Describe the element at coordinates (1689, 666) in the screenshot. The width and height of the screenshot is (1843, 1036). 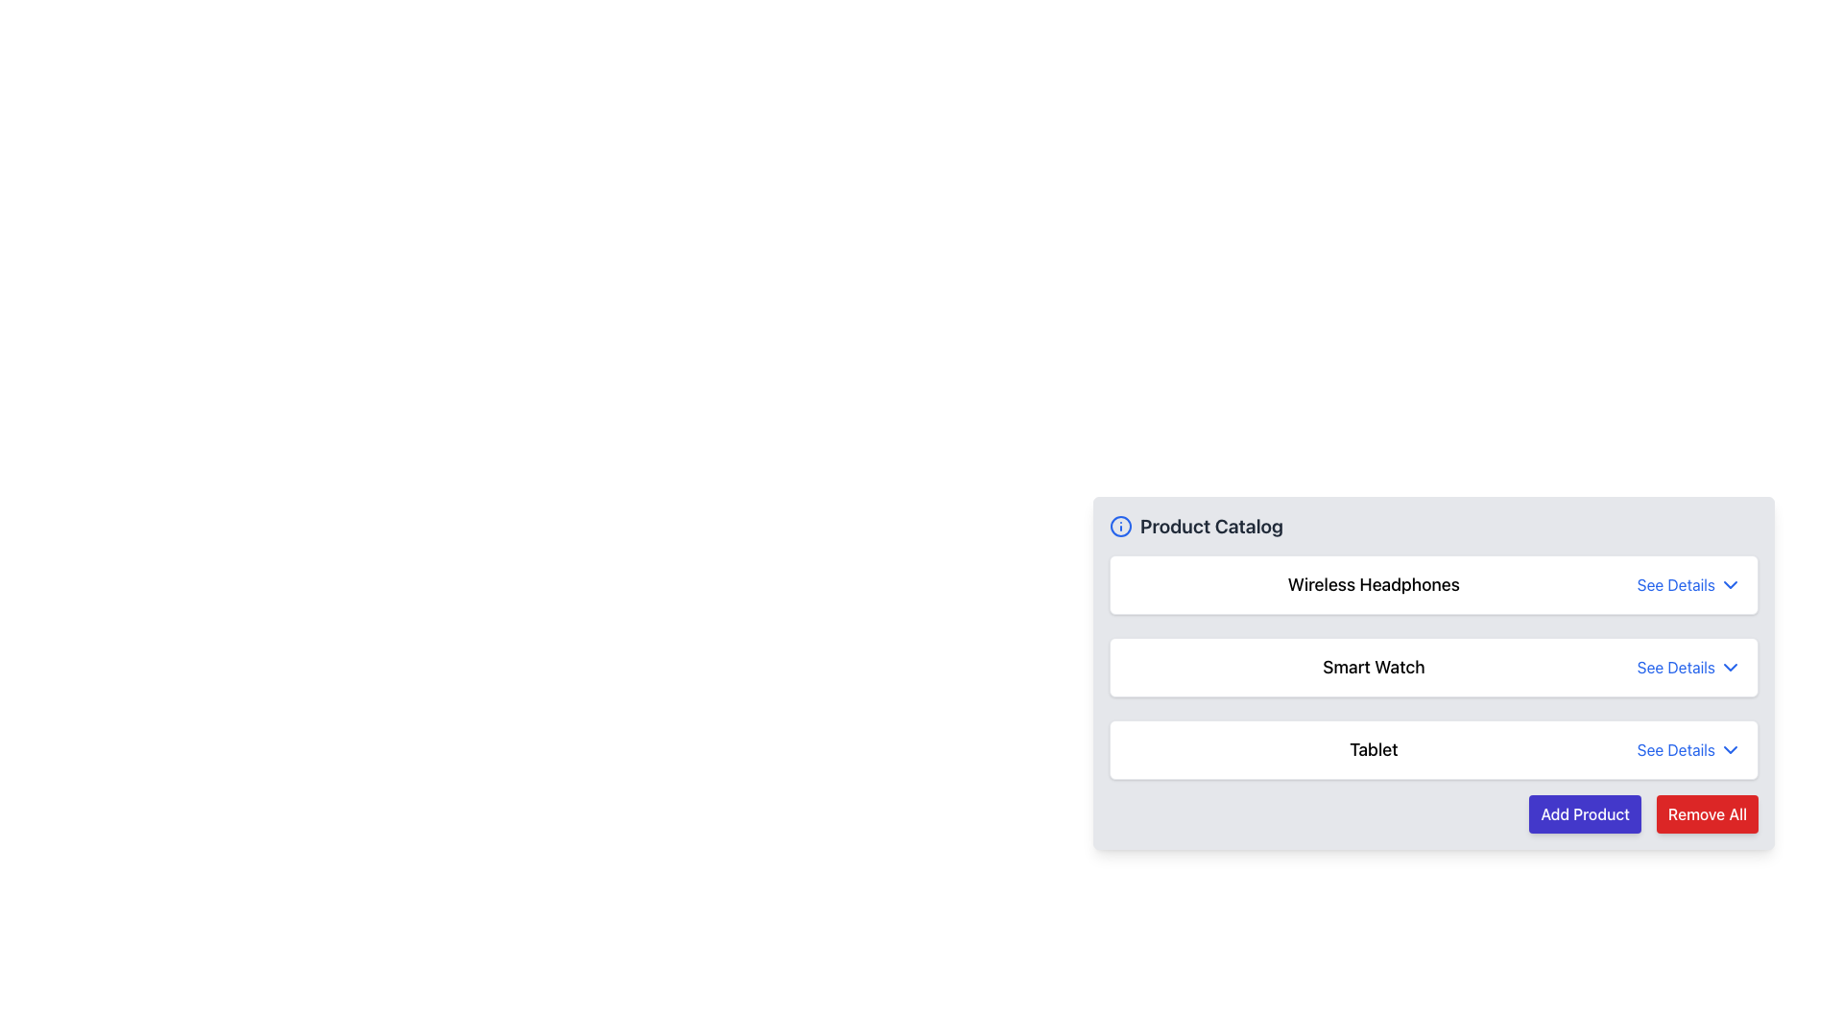
I see `the second 'See Details' button on the right side of the 'Smart Watch' product in the Product Catalog` at that location.